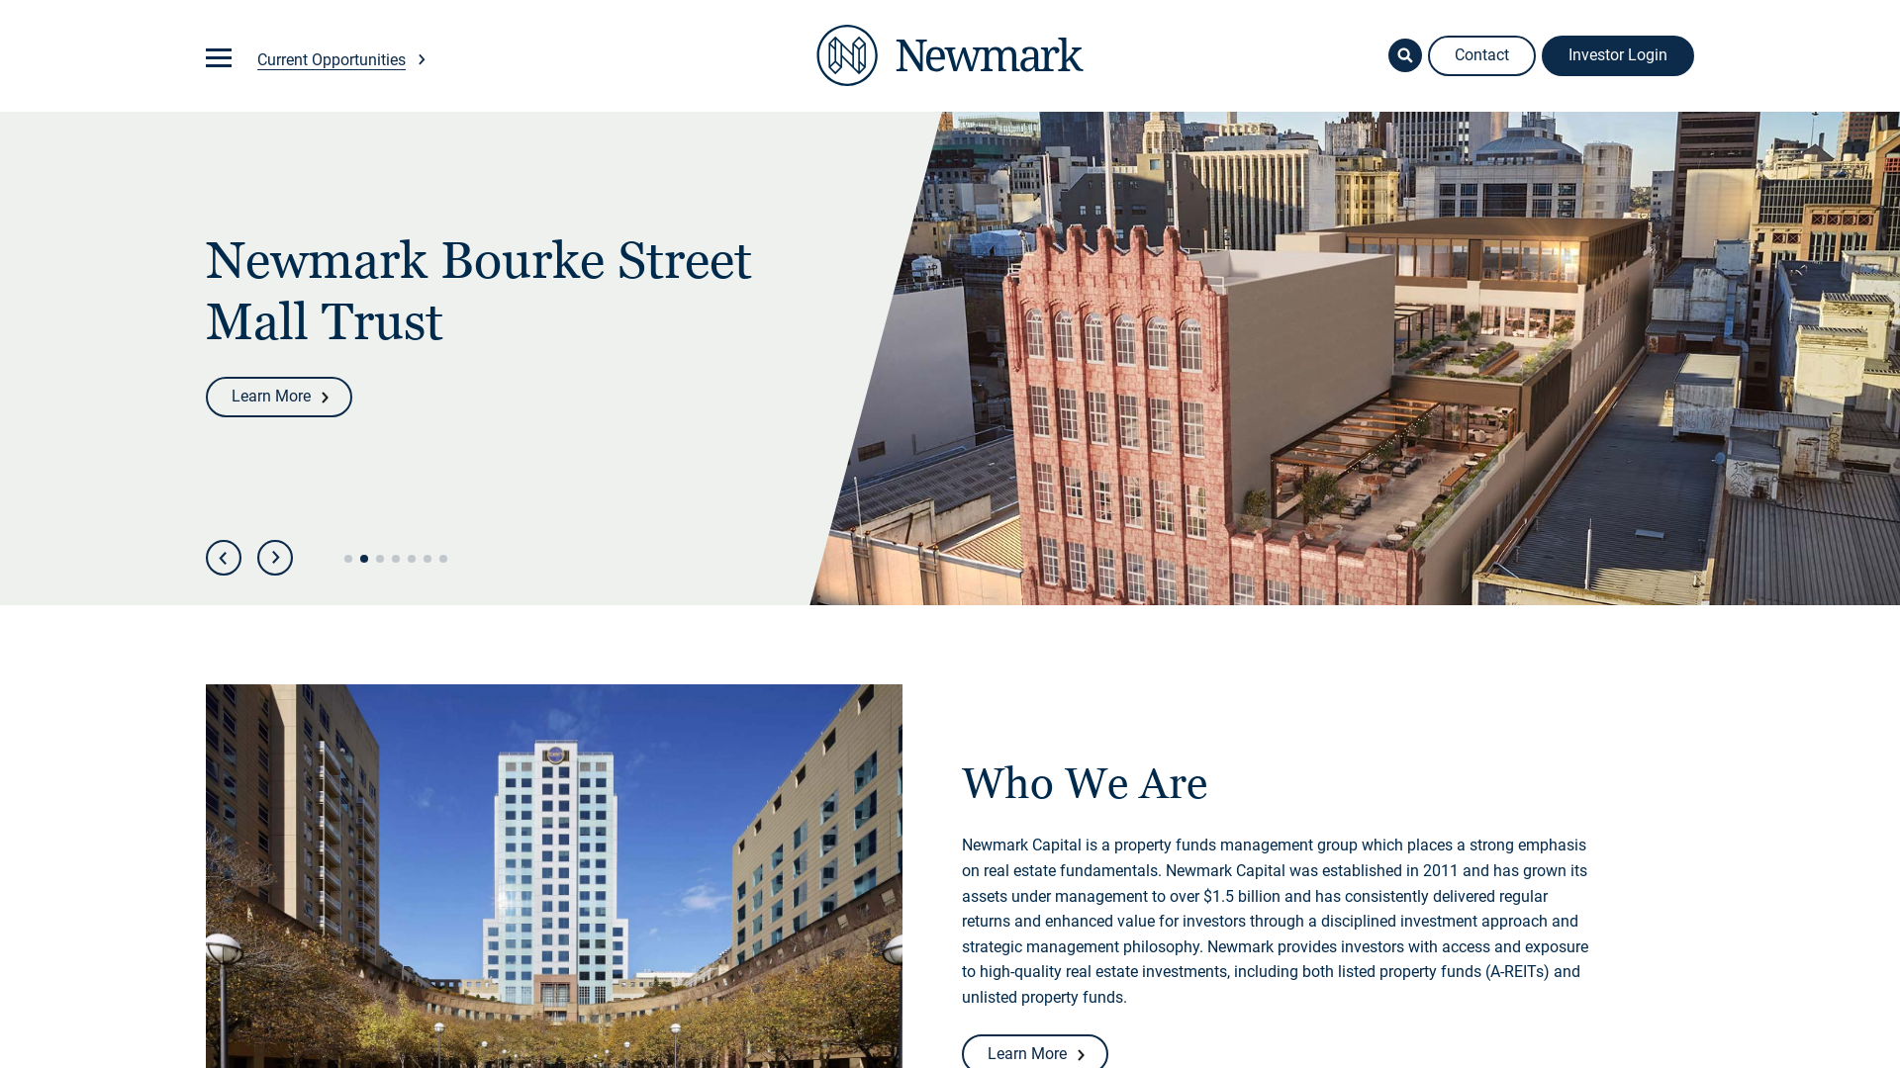  I want to click on 'Skip to main content', so click(206, 26).